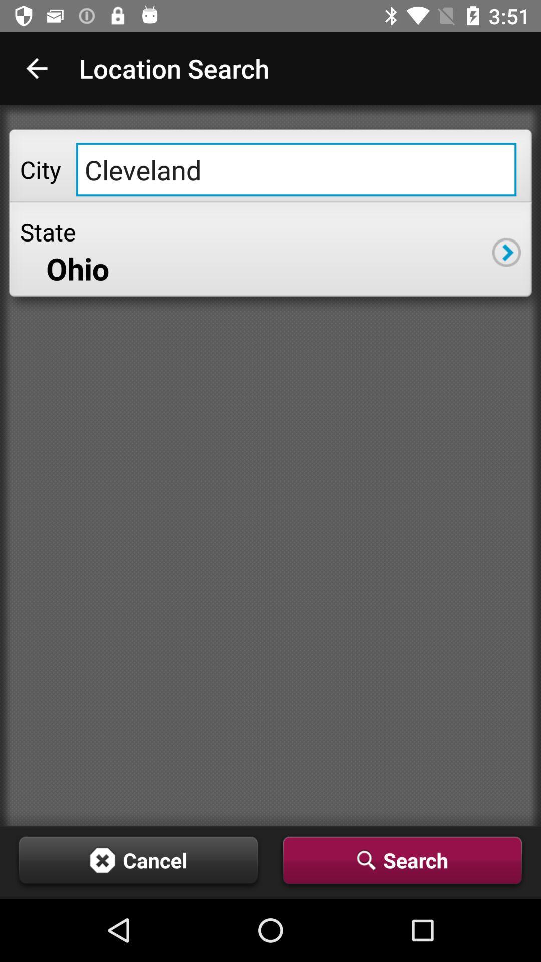  What do you see at coordinates (296, 169) in the screenshot?
I see `the item to the right of city icon` at bounding box center [296, 169].